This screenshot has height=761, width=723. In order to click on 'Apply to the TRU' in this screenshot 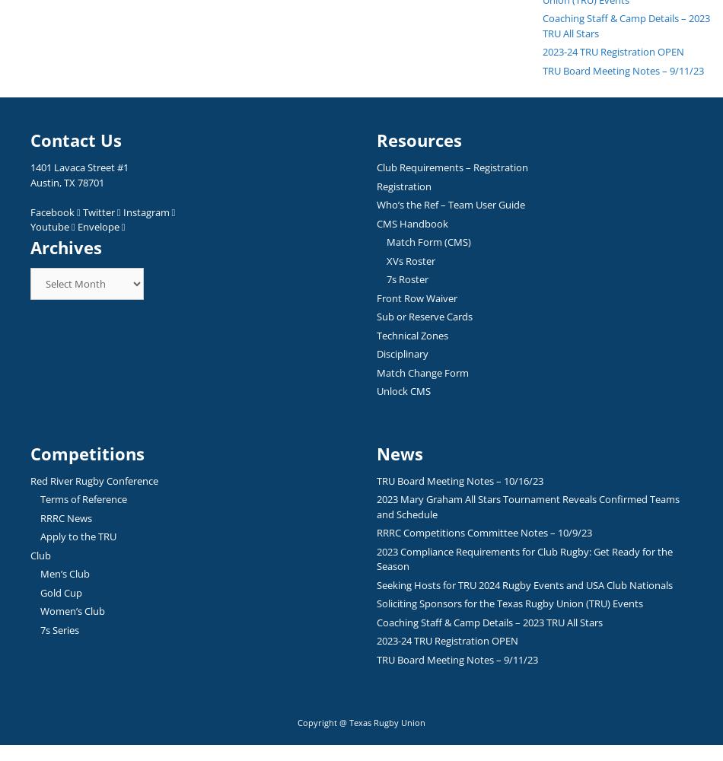, I will do `click(40, 536)`.